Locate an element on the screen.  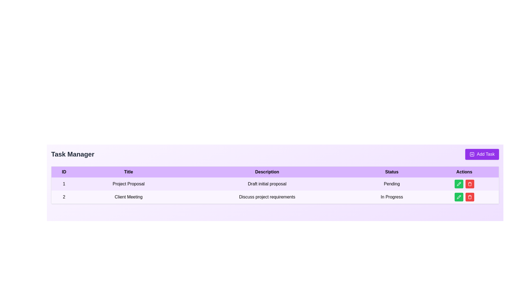
the green edit button with a pencil icon located in the second row of the 'Actions' column in the task management interface is located at coordinates (458, 197).